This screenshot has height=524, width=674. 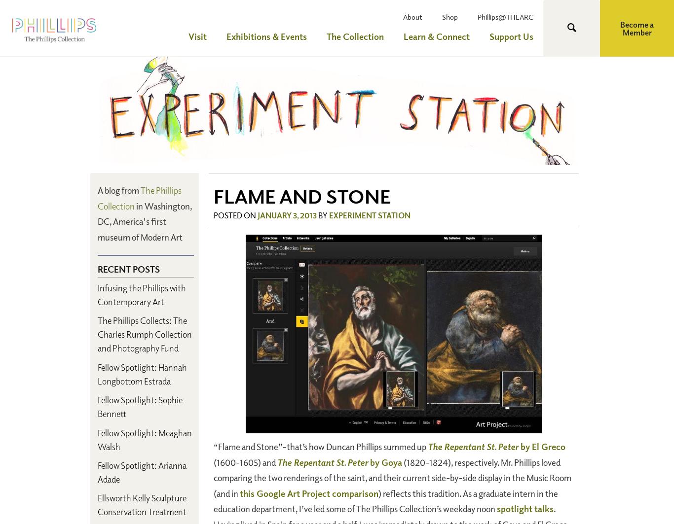 What do you see at coordinates (119, 190) in the screenshot?
I see `'A blog from'` at bounding box center [119, 190].